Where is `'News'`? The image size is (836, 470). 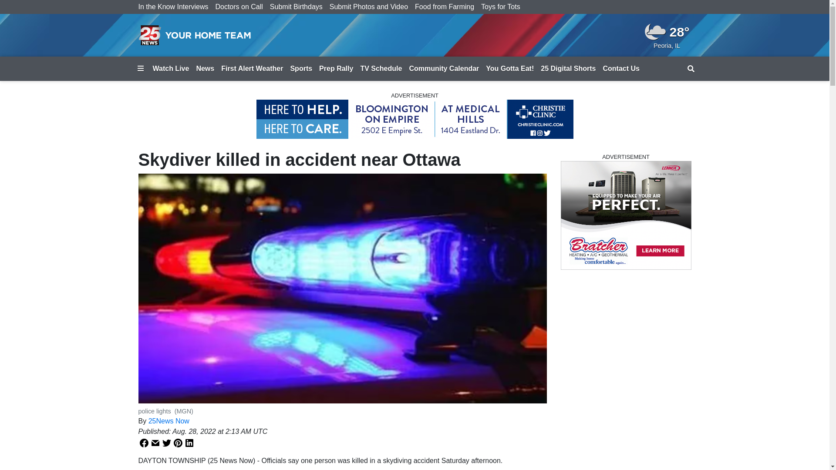
'News' is located at coordinates (204, 68).